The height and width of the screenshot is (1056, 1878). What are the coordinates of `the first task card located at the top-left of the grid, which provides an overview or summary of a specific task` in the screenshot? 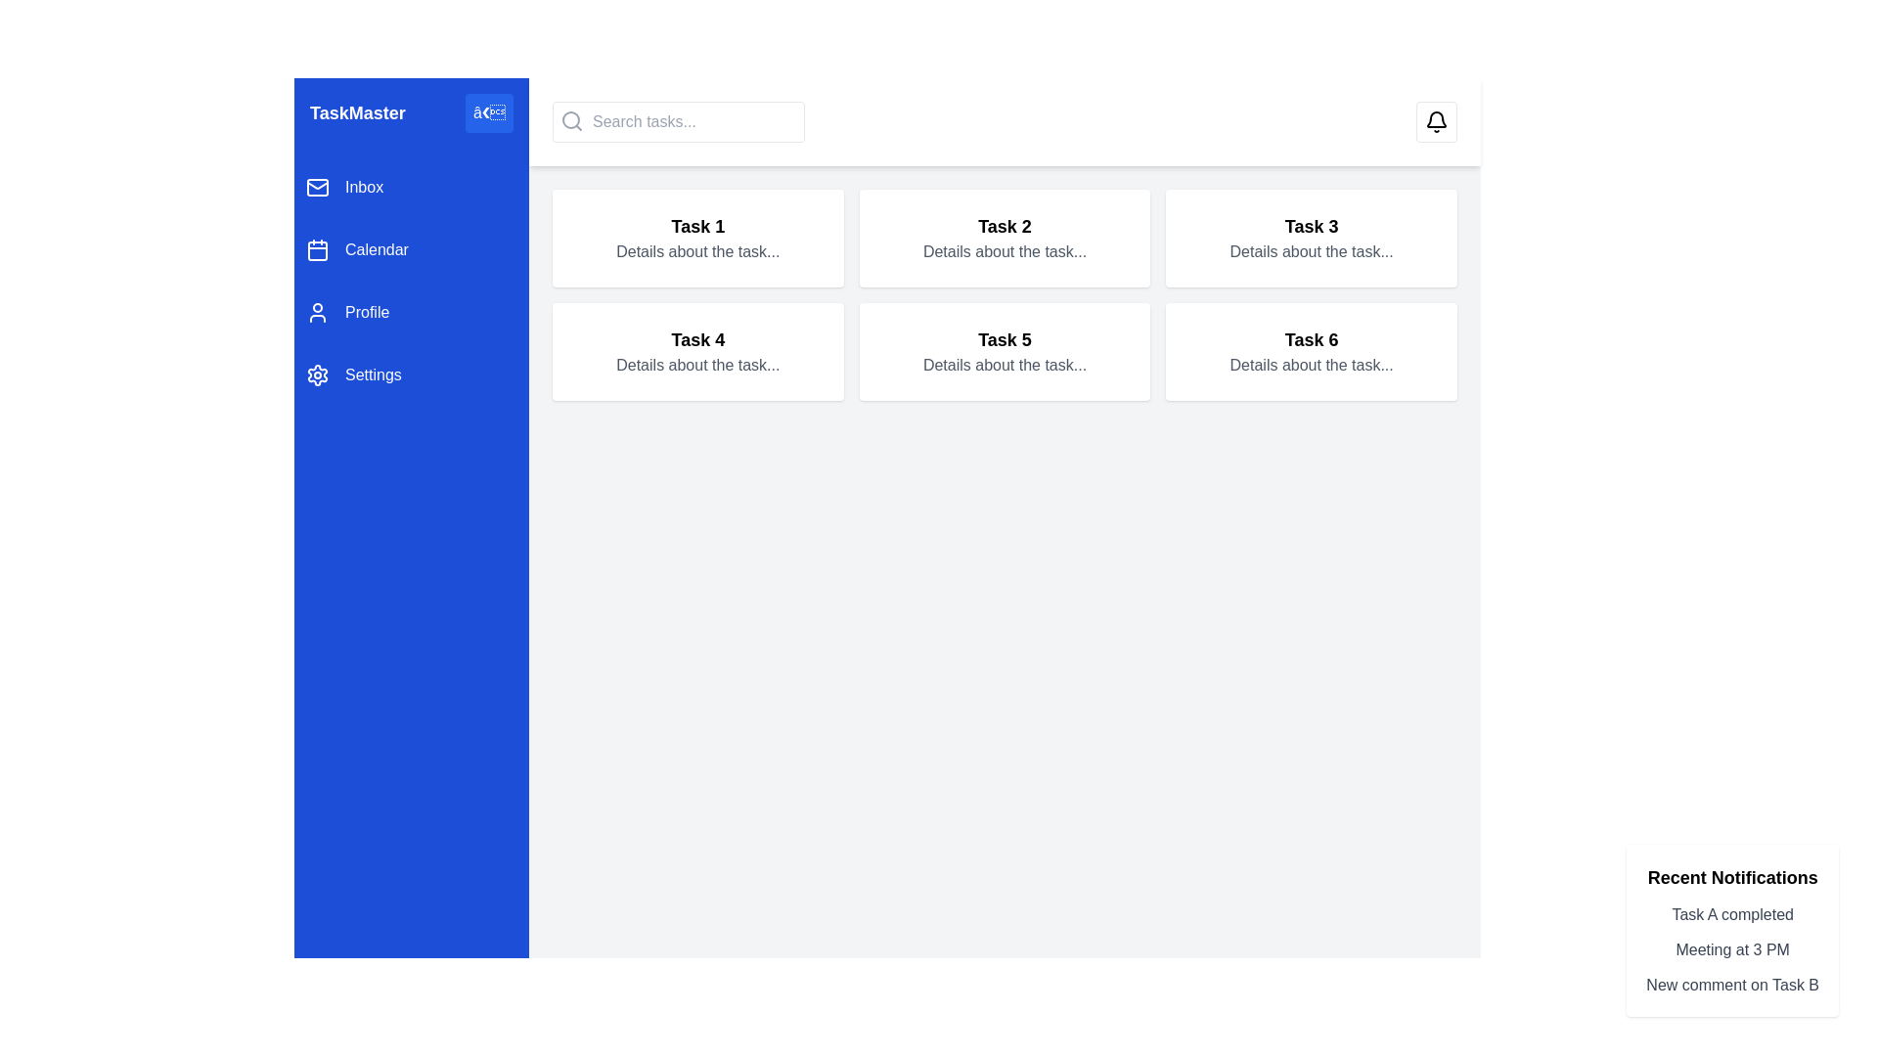 It's located at (697, 237).